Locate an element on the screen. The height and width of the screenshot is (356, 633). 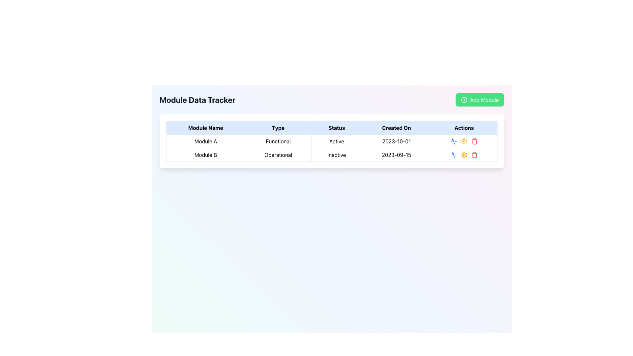
the 'Type' column header cell in the table, which is located between the 'Module Name' and 'Status' headers is located at coordinates (278, 128).